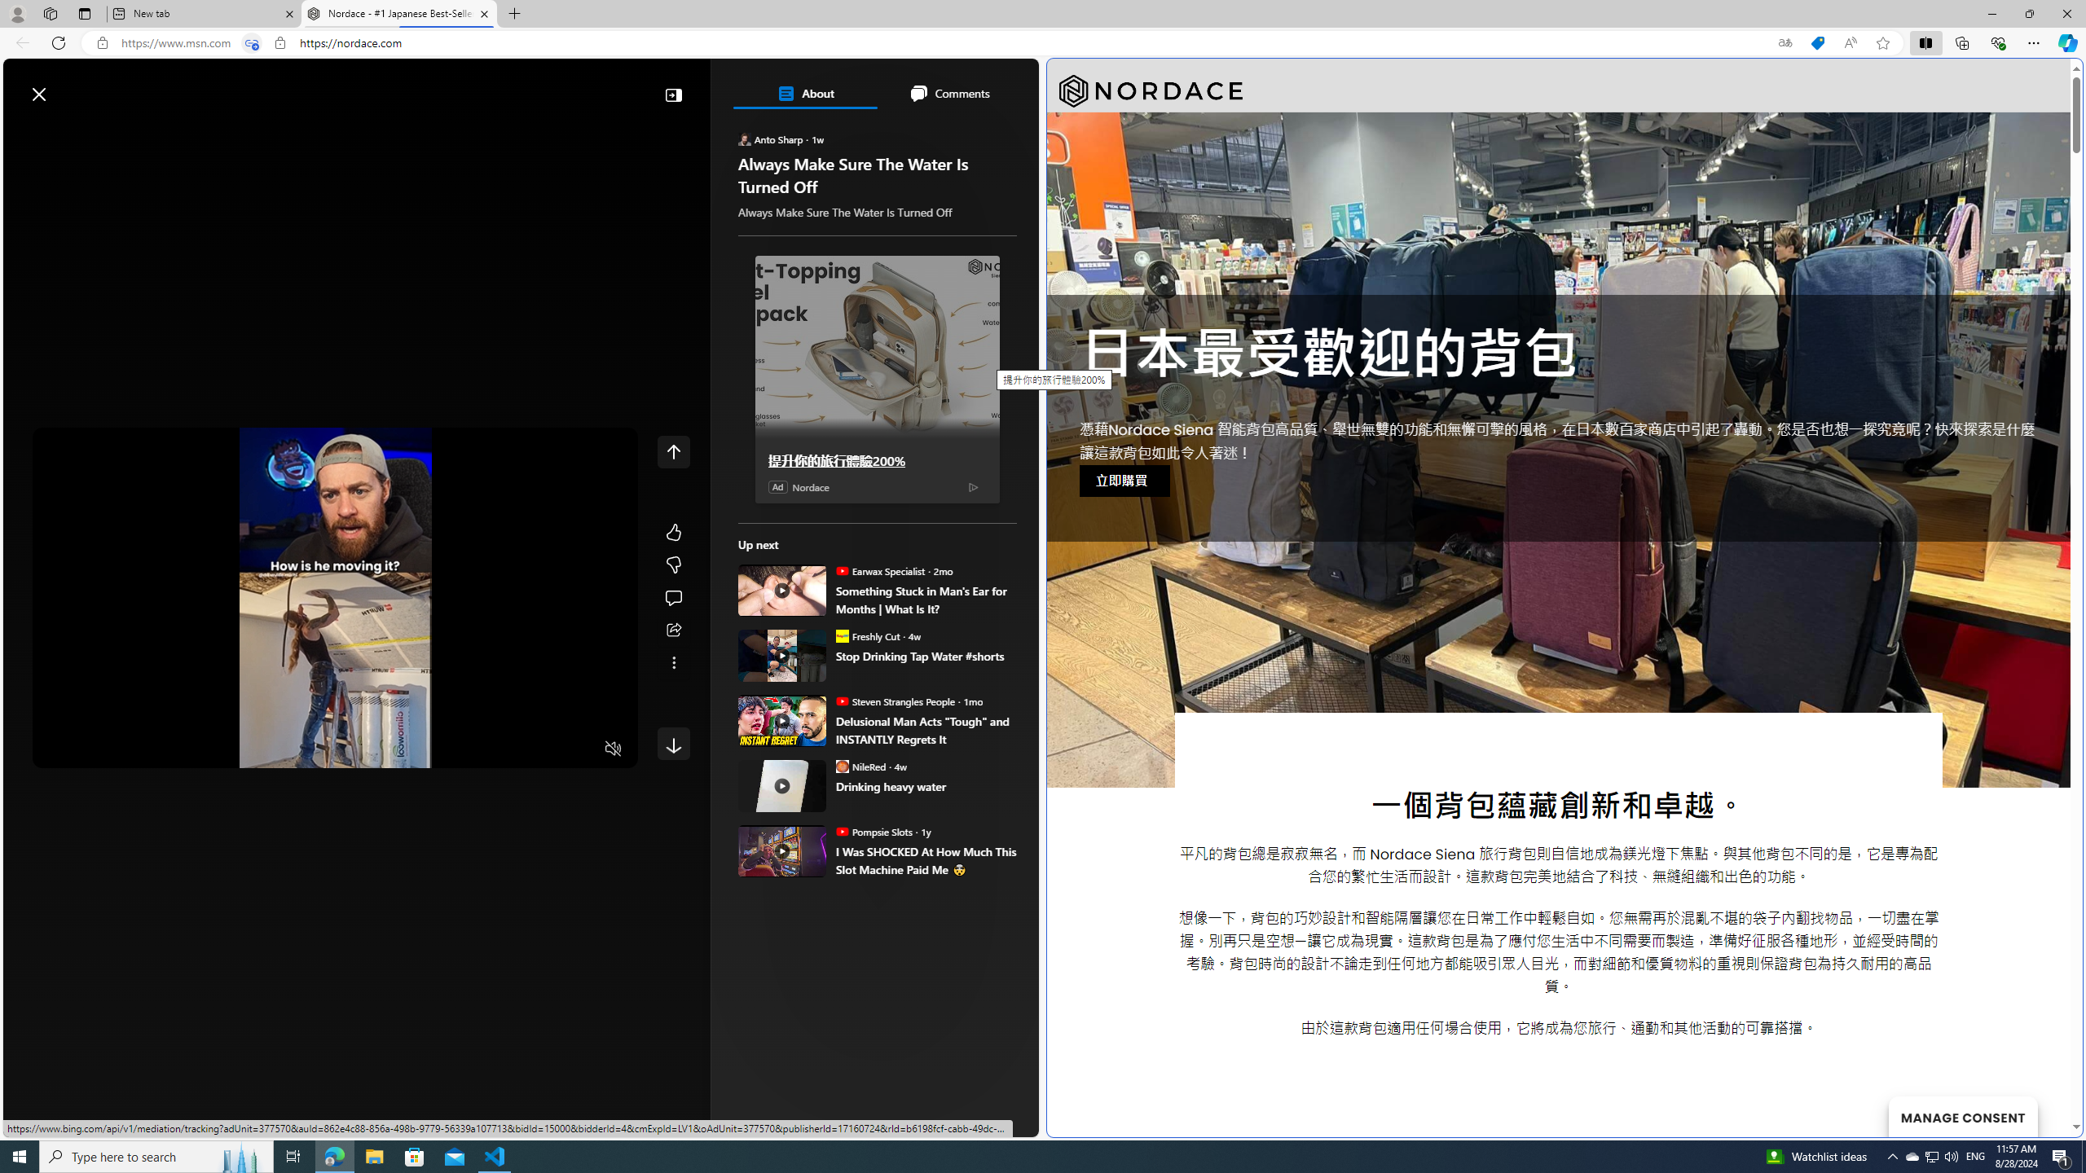  I want to click on 'Something Stuck in Man', so click(926, 599).